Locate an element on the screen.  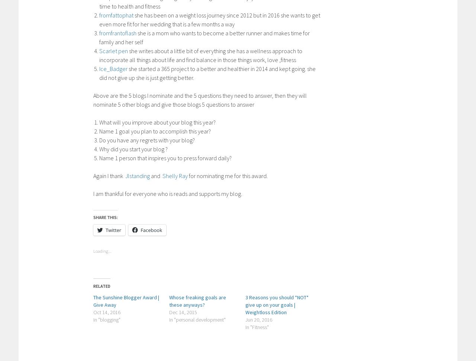
'Name 1 goal you plan to accomplish this year?' is located at coordinates (155, 130).